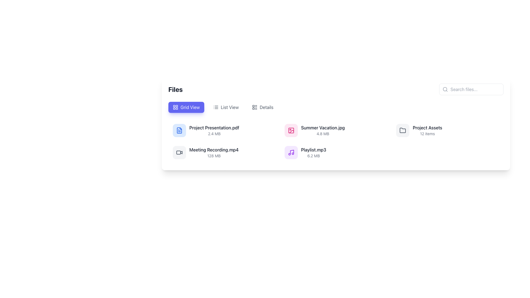 This screenshot has height=298, width=530. I want to click on the text label that reads '12 items', which is positioned below the 'Project Assets' heading in the top-right corner of the application content area, so click(427, 134).